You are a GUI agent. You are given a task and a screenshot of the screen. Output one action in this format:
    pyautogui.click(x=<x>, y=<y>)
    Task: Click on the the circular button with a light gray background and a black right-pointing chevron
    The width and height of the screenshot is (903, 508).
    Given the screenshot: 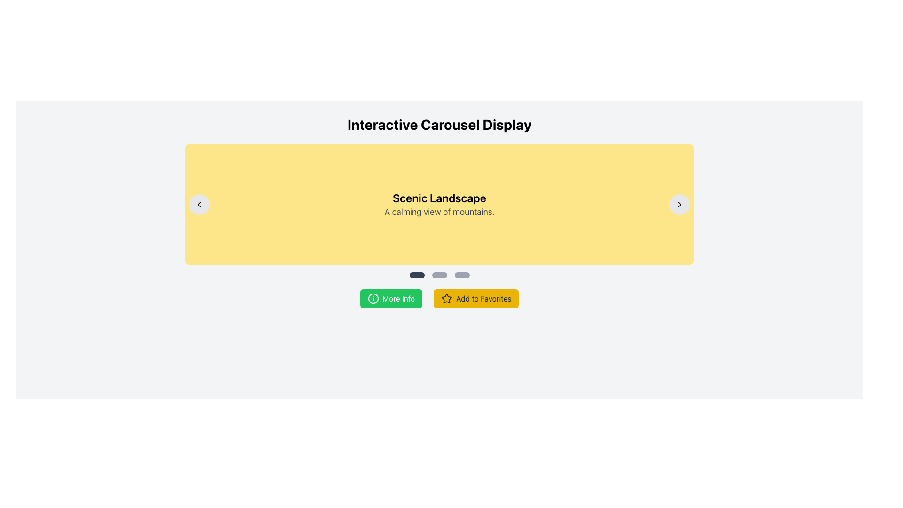 What is the action you would take?
    pyautogui.click(x=680, y=204)
    